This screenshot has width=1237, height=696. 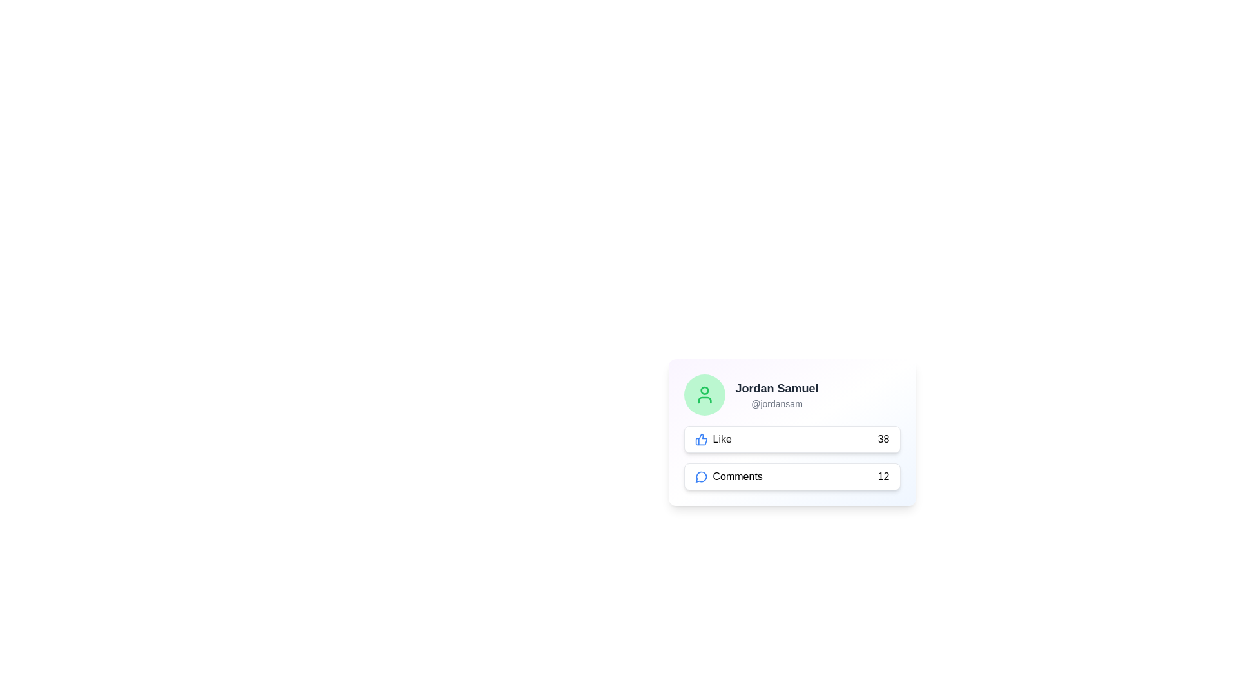 I want to click on the user profile icon, which is a green circular icon located above the text 'Jordan Samuel' and '@jordansam' in the user card section, so click(x=704, y=394).